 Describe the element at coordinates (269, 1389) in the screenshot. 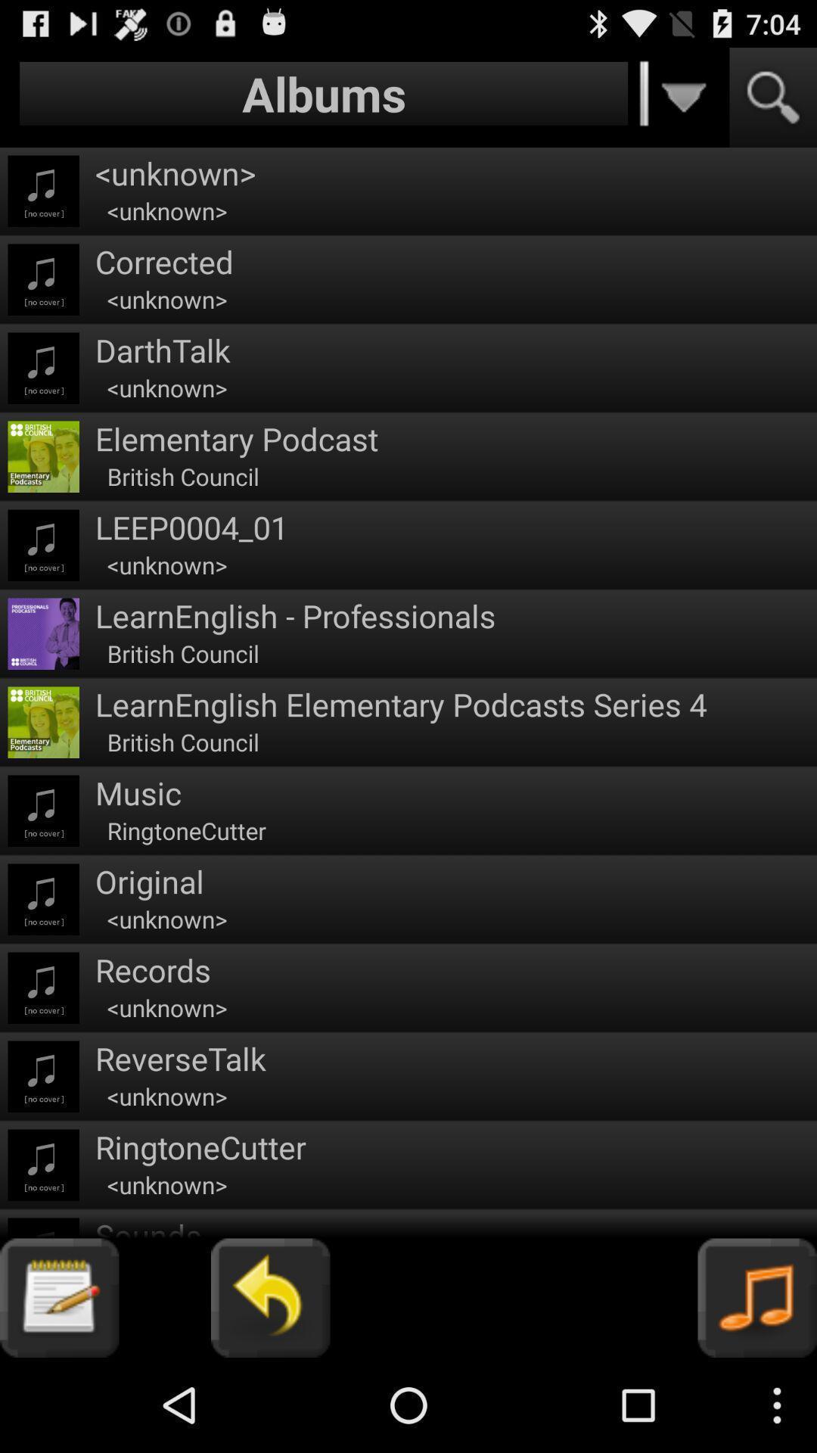

I see `the reply icon` at that location.